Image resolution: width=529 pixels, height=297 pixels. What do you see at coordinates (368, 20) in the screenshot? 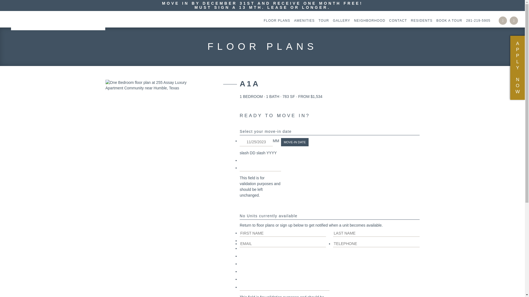
I see `'NEIGHBORHOOD'` at bounding box center [368, 20].